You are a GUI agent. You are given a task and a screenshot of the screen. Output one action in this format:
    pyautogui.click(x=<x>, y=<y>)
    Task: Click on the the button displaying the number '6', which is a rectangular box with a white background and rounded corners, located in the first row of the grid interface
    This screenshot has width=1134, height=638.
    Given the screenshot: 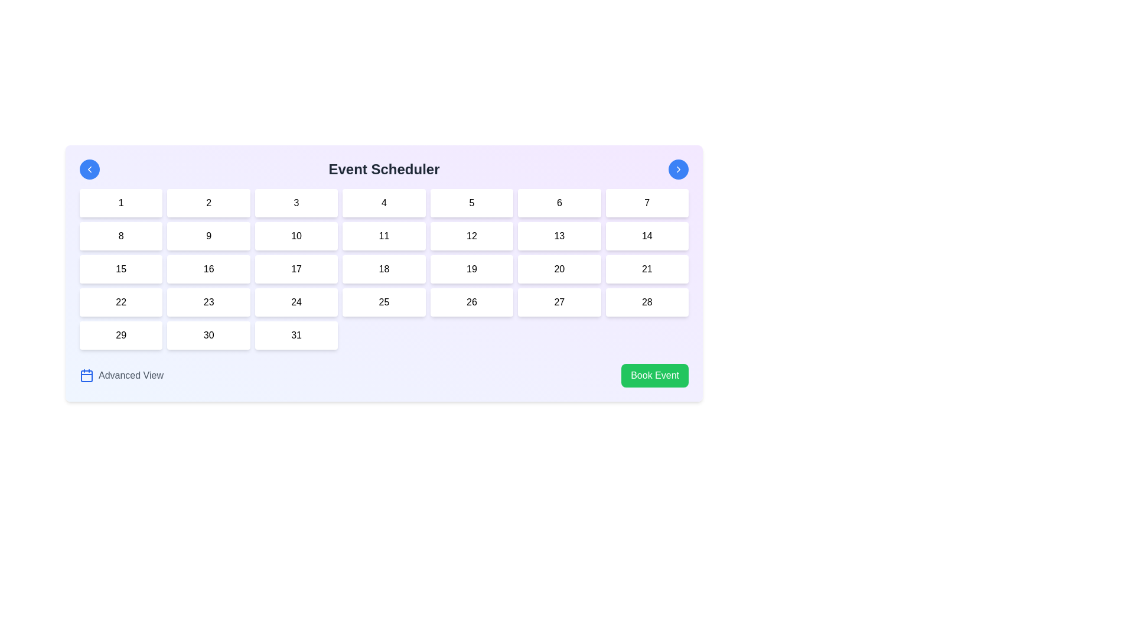 What is the action you would take?
    pyautogui.click(x=558, y=202)
    